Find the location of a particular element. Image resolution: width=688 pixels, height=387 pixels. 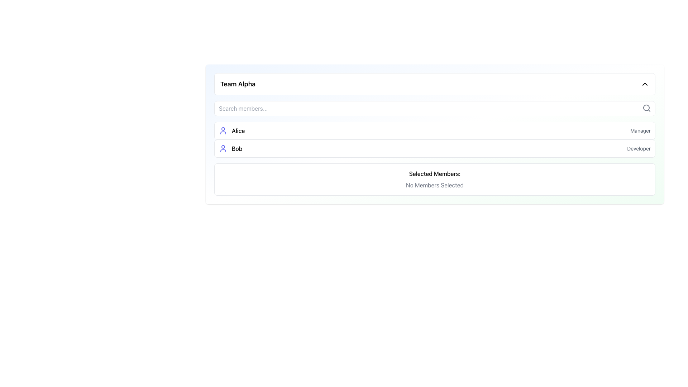

the profile image icon representing the user named 'Bob', located to the left of the text 'Bob' in a vertical list of selectable user entries is located at coordinates (223, 148).